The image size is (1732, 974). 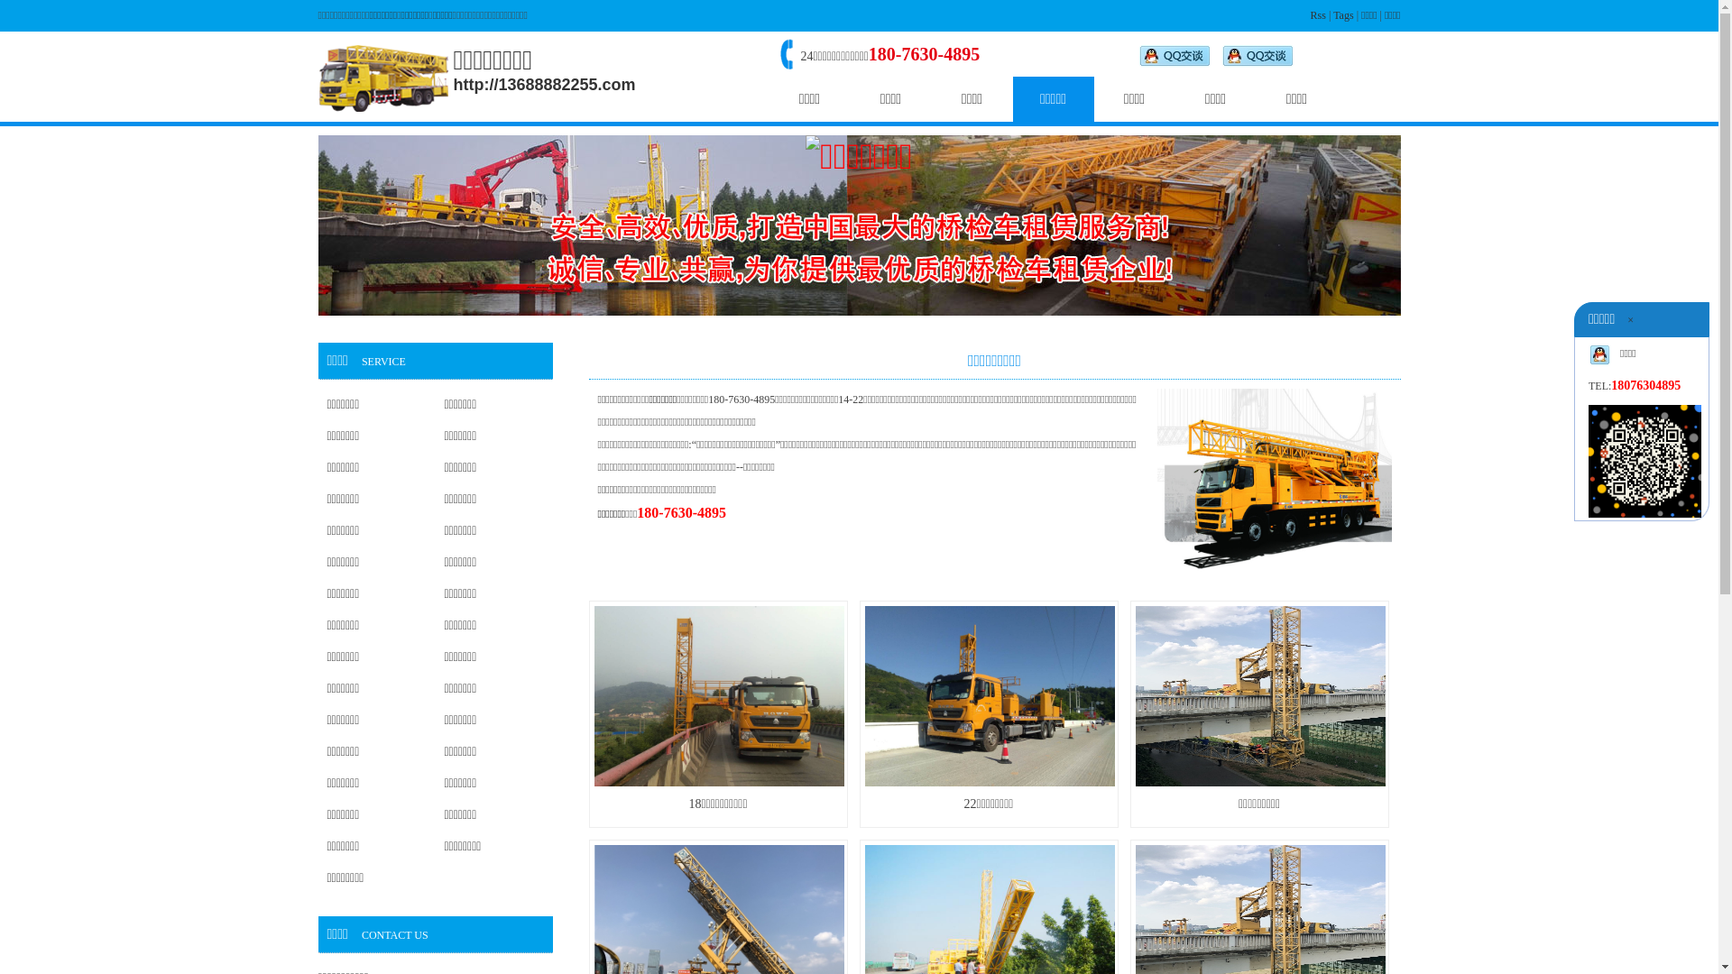 What do you see at coordinates (1318, 14) in the screenshot?
I see `'Rss'` at bounding box center [1318, 14].